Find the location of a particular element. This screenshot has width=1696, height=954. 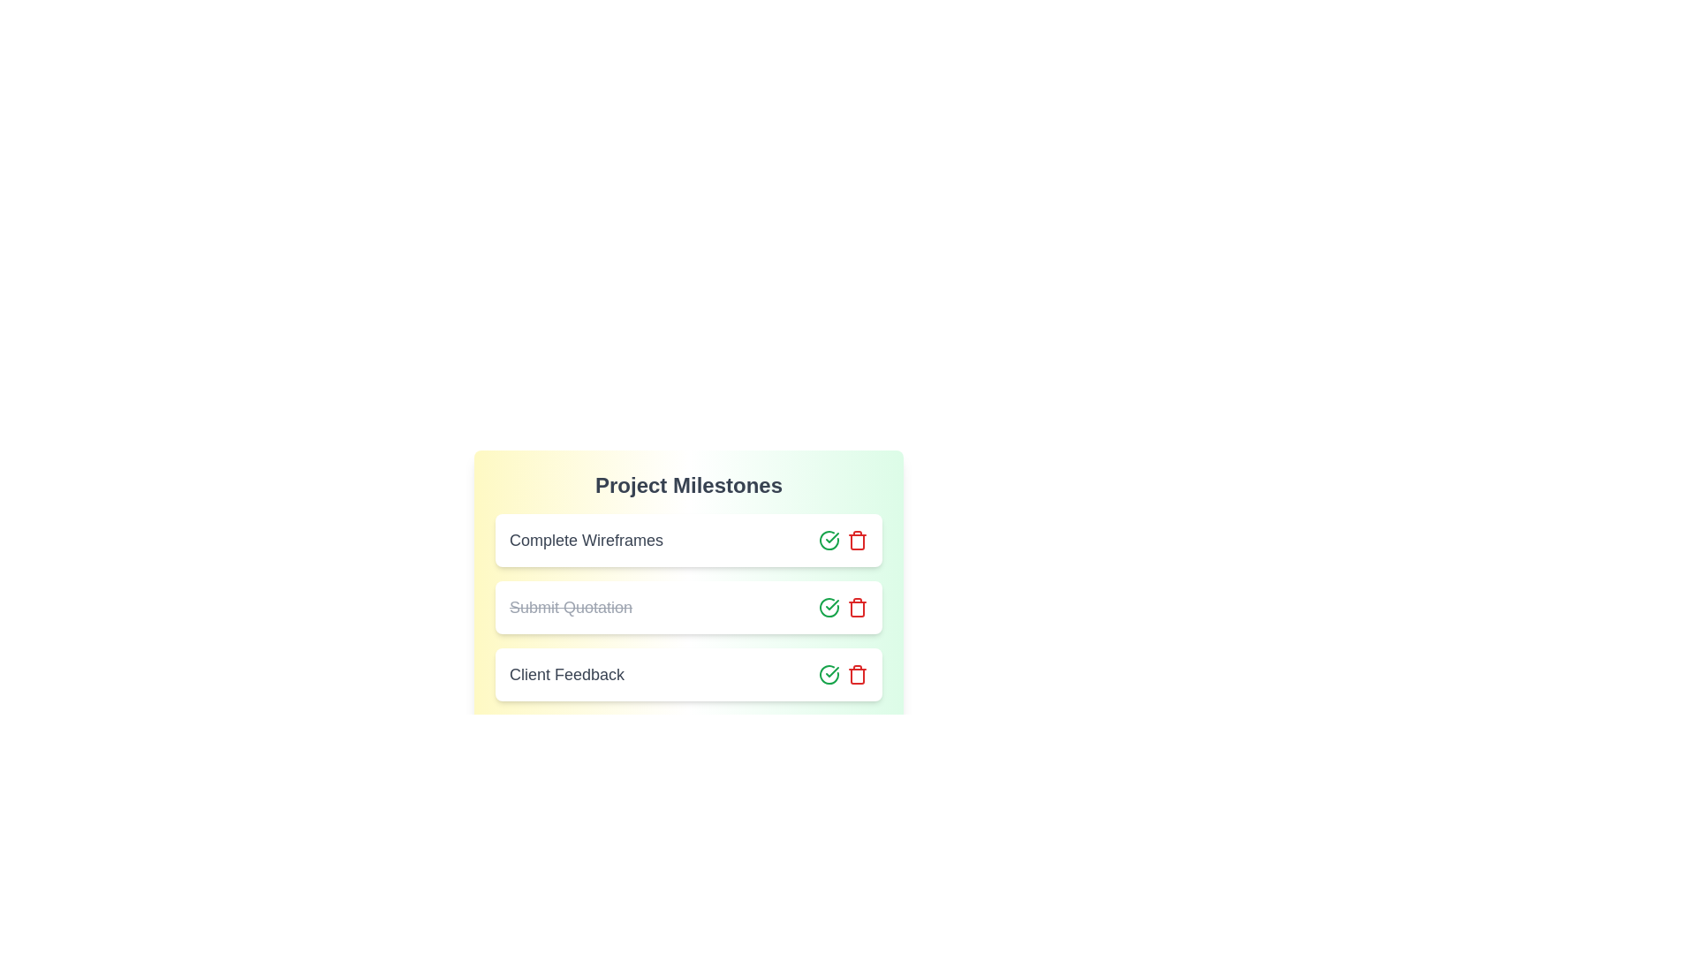

the header labeled 'Project Milestones' is located at coordinates (687, 486).